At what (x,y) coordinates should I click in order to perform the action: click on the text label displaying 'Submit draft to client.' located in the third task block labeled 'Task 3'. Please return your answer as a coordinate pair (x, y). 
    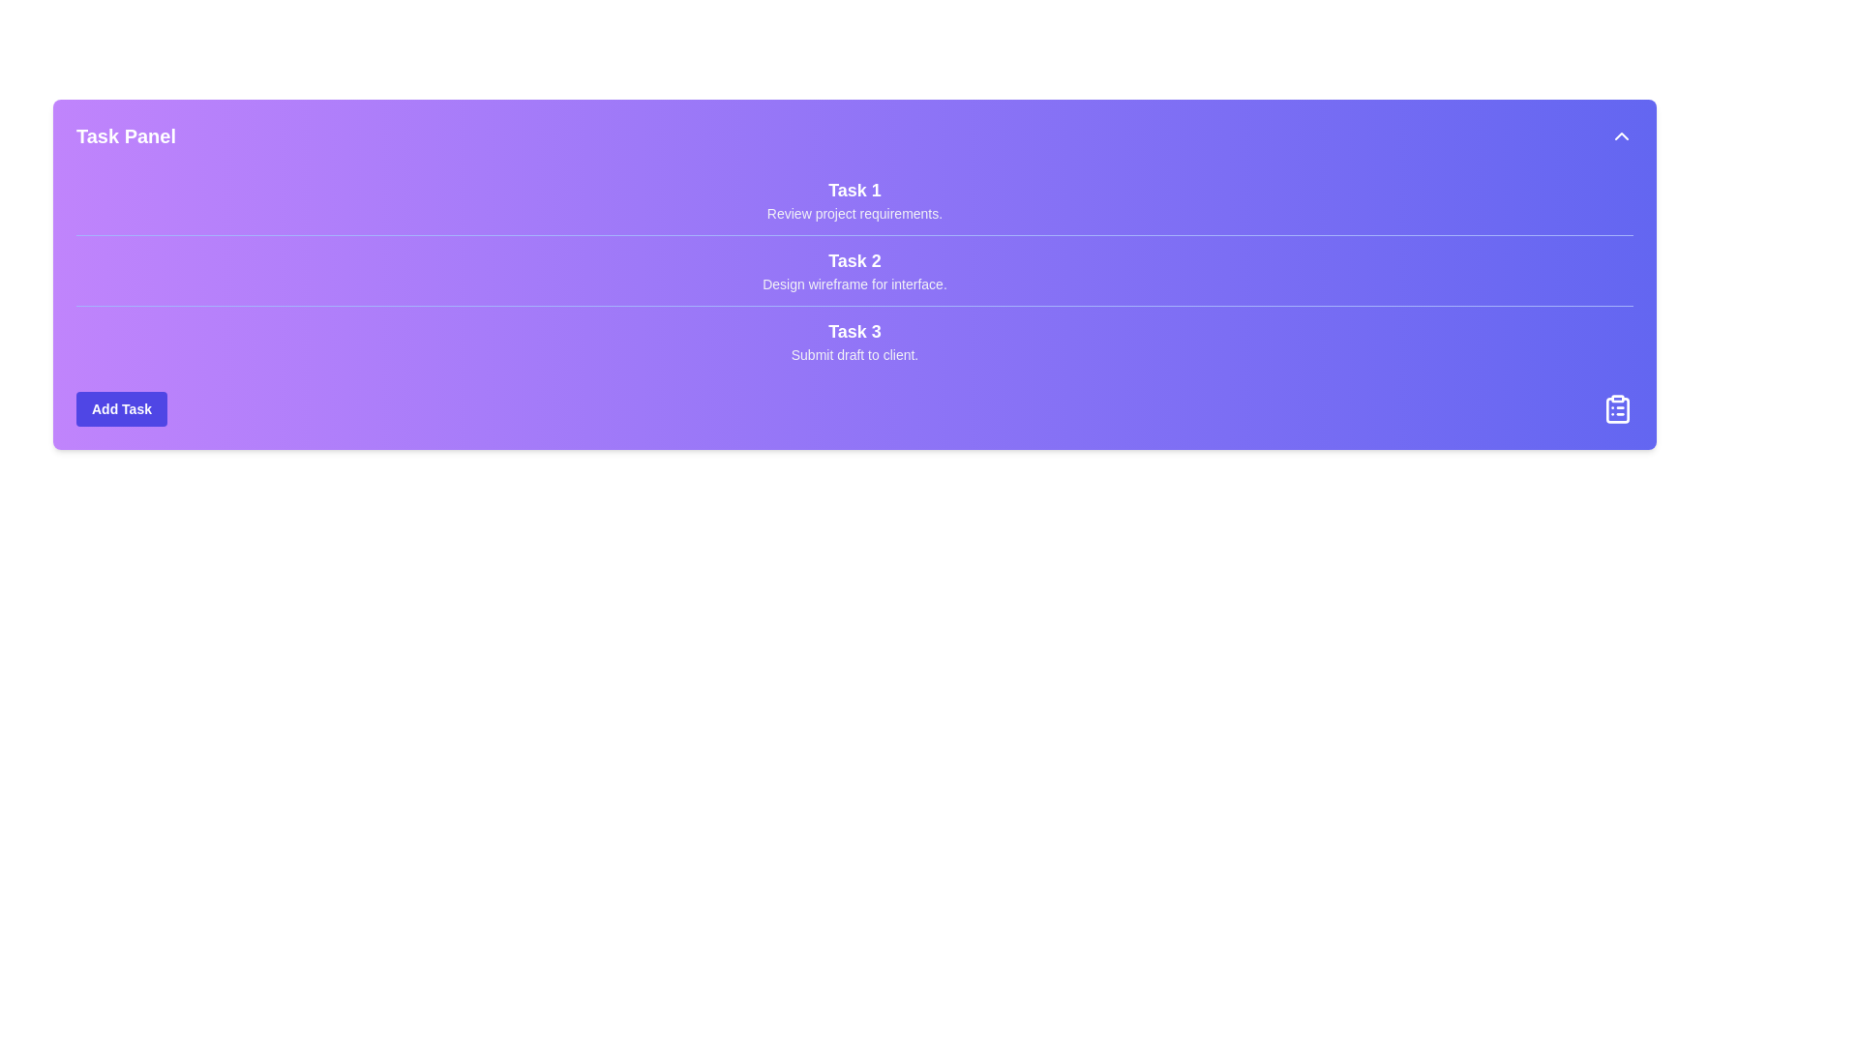
    Looking at the image, I should click on (854, 354).